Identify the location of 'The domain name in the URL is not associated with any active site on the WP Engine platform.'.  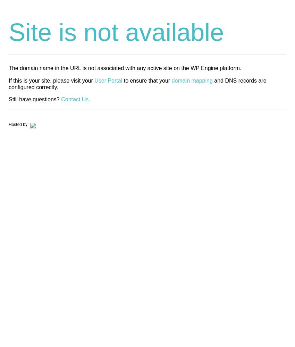
(124, 68).